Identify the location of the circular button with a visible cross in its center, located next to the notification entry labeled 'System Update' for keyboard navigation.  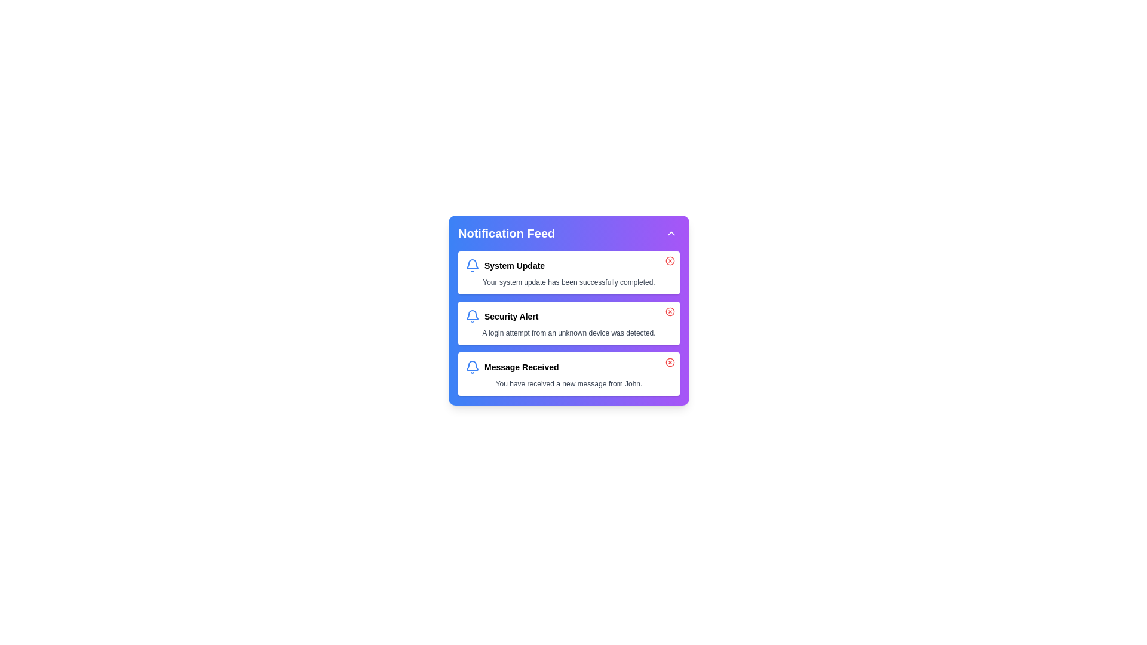
(670, 260).